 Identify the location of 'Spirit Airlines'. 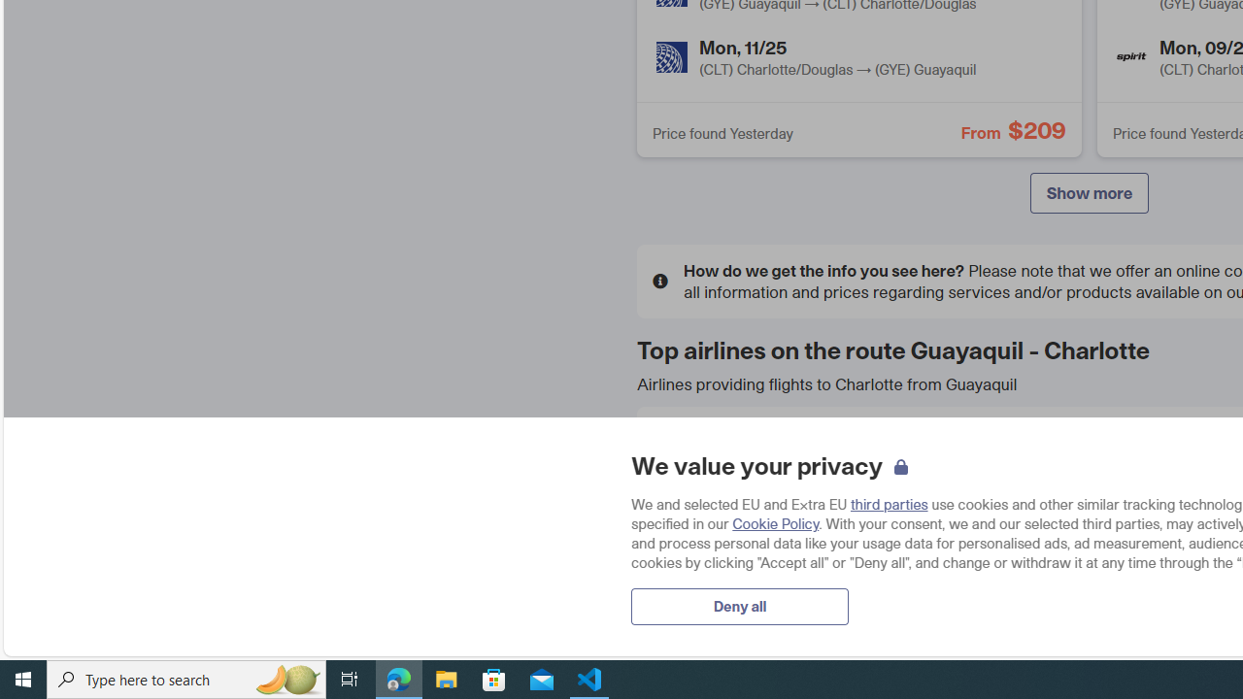
(1131, 56).